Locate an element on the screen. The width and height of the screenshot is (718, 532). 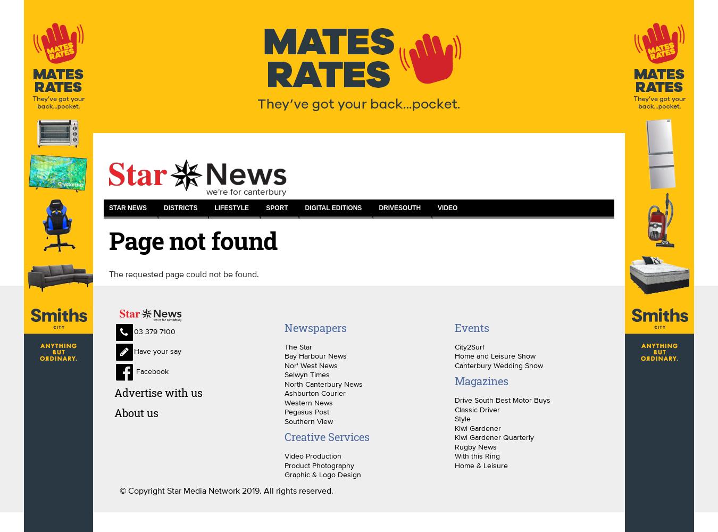
'Southern View' is located at coordinates (308, 421).